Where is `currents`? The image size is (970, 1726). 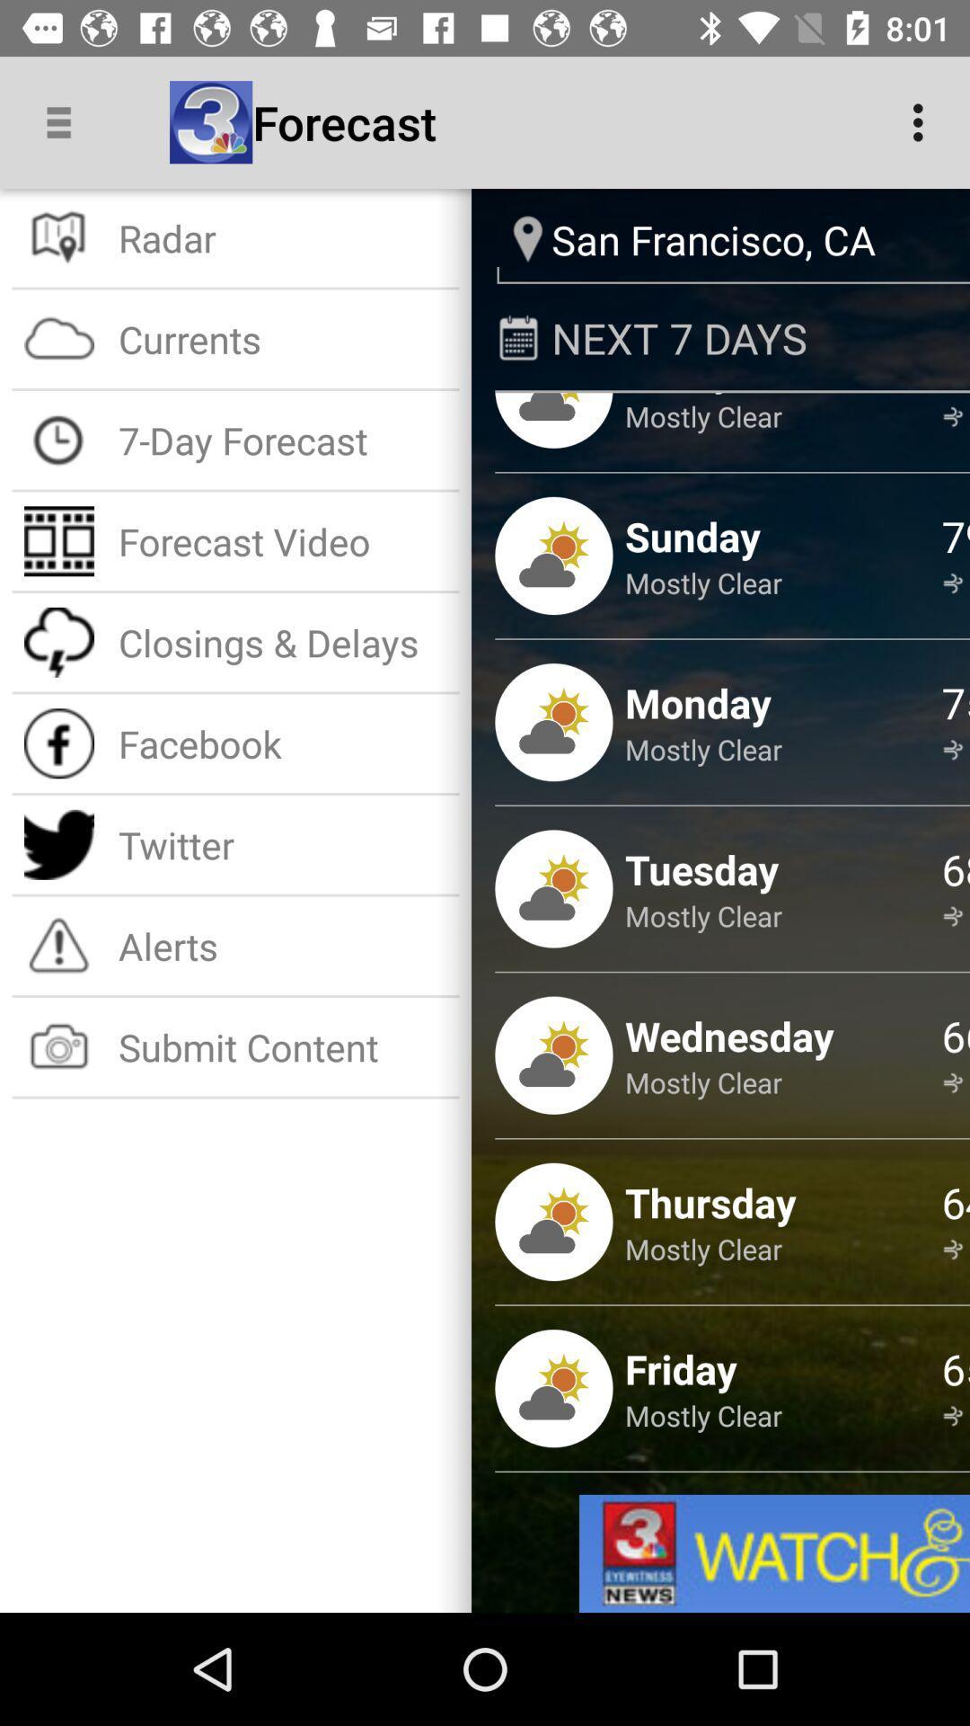 currents is located at coordinates (283, 339).